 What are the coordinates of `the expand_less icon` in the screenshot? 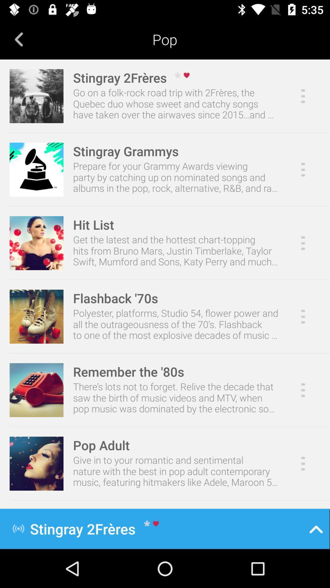 It's located at (316, 528).